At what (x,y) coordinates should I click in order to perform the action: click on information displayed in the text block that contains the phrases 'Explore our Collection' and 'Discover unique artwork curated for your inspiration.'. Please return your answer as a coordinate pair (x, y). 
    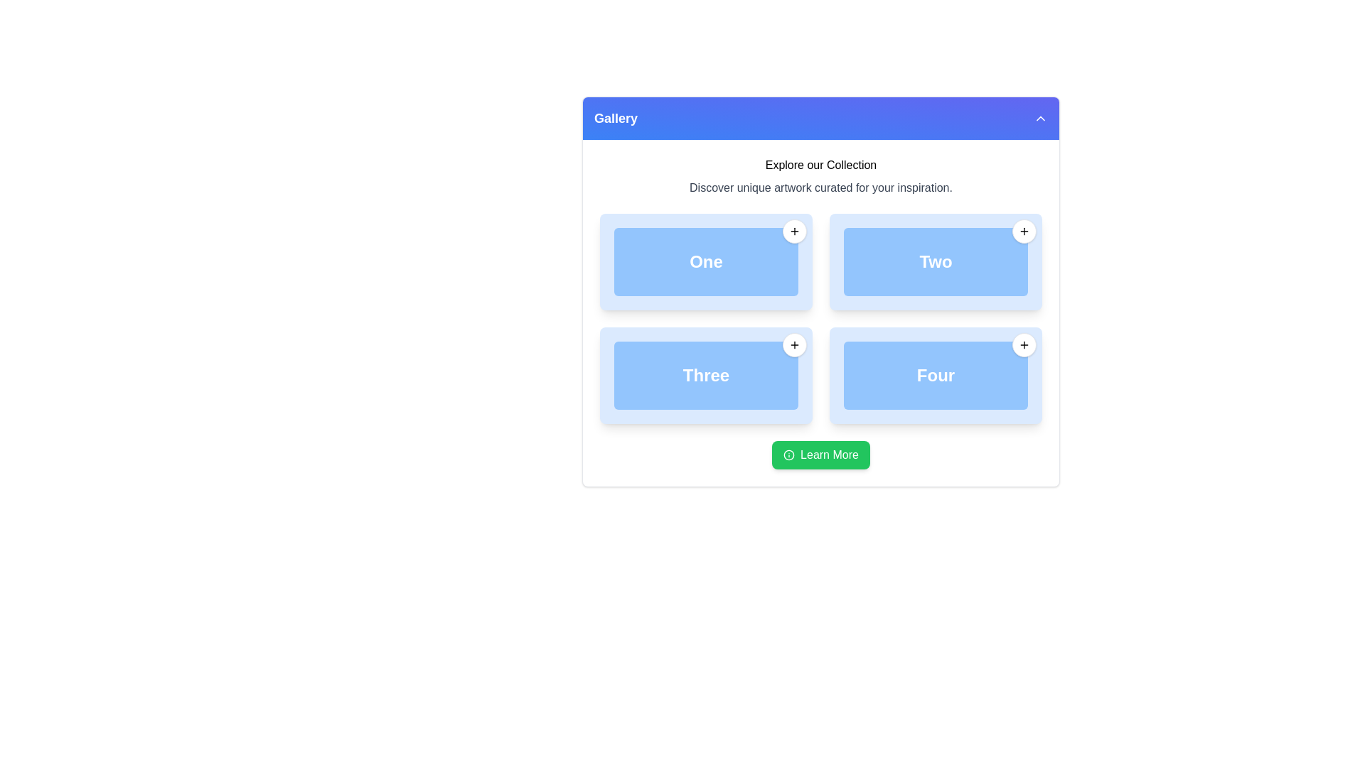
    Looking at the image, I should click on (821, 176).